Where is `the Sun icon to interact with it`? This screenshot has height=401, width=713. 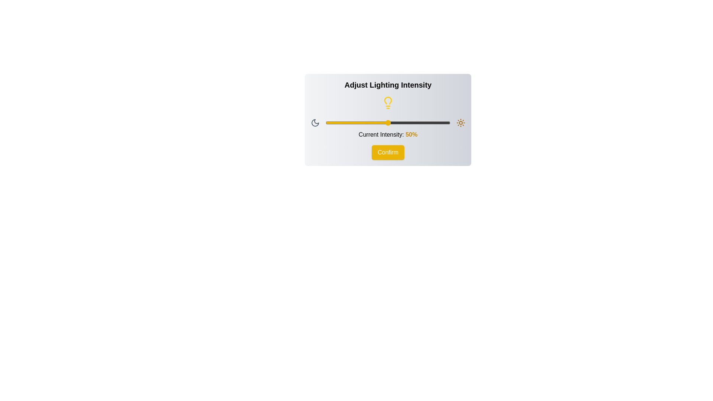
the Sun icon to interact with it is located at coordinates (460, 123).